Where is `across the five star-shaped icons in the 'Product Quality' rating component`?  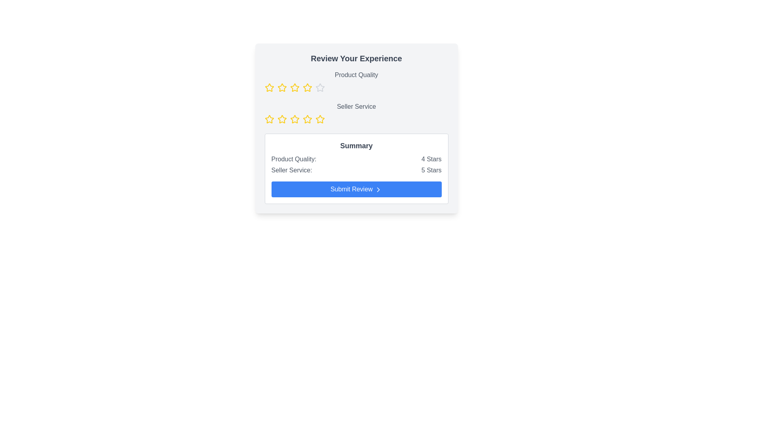 across the five star-shaped icons in the 'Product Quality' rating component is located at coordinates (356, 88).